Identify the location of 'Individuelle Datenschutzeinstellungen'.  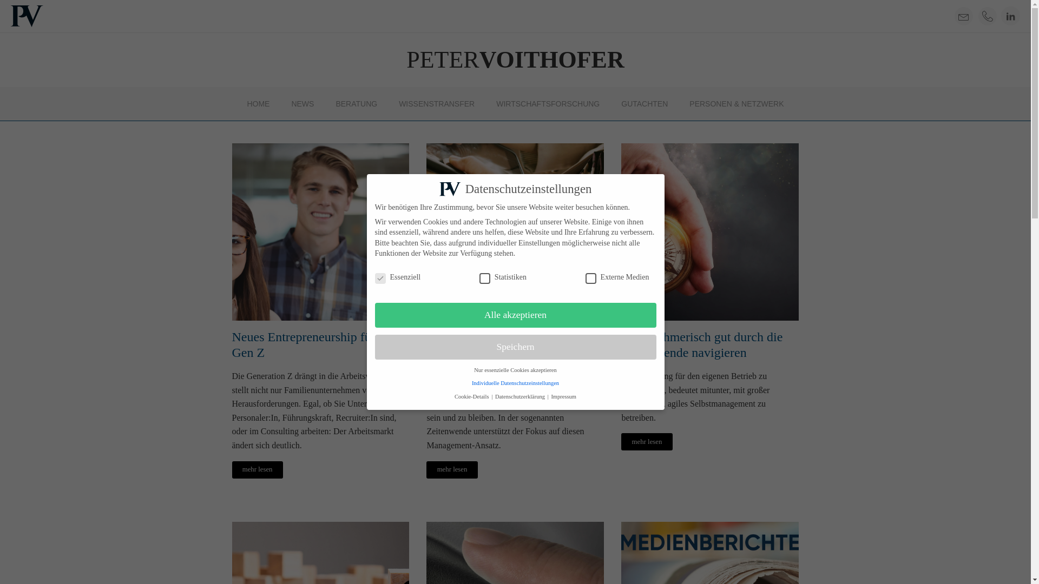
(515, 382).